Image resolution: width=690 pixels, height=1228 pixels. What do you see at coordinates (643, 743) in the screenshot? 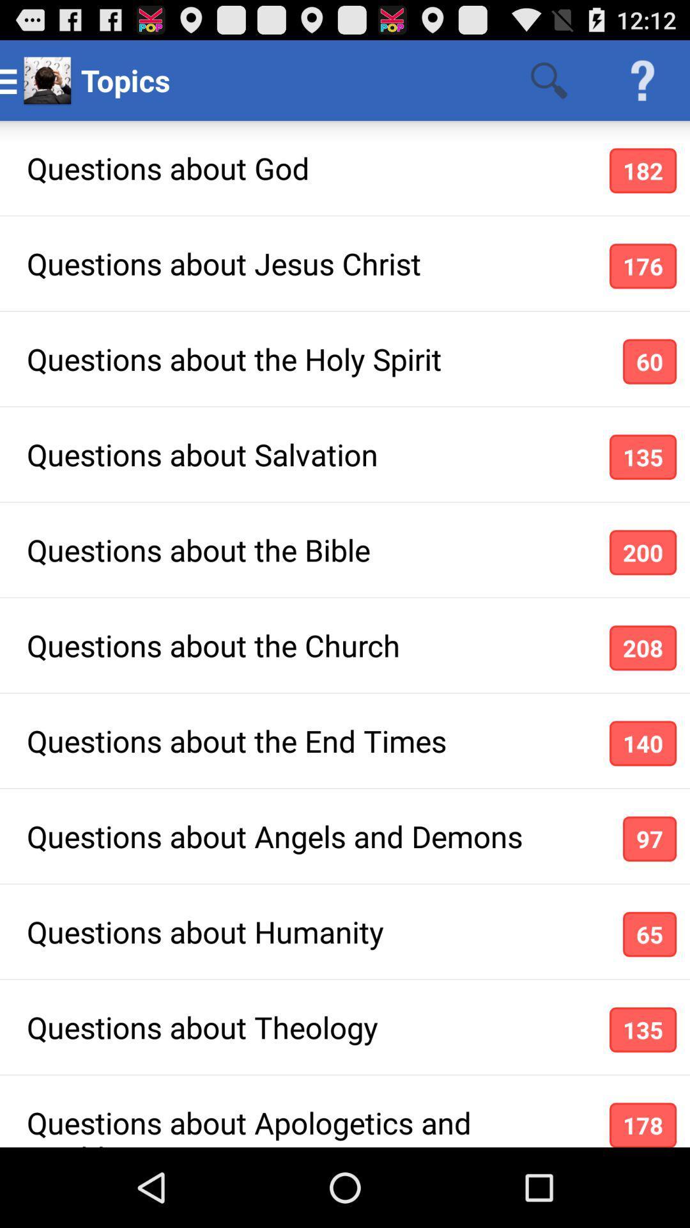
I see `140` at bounding box center [643, 743].